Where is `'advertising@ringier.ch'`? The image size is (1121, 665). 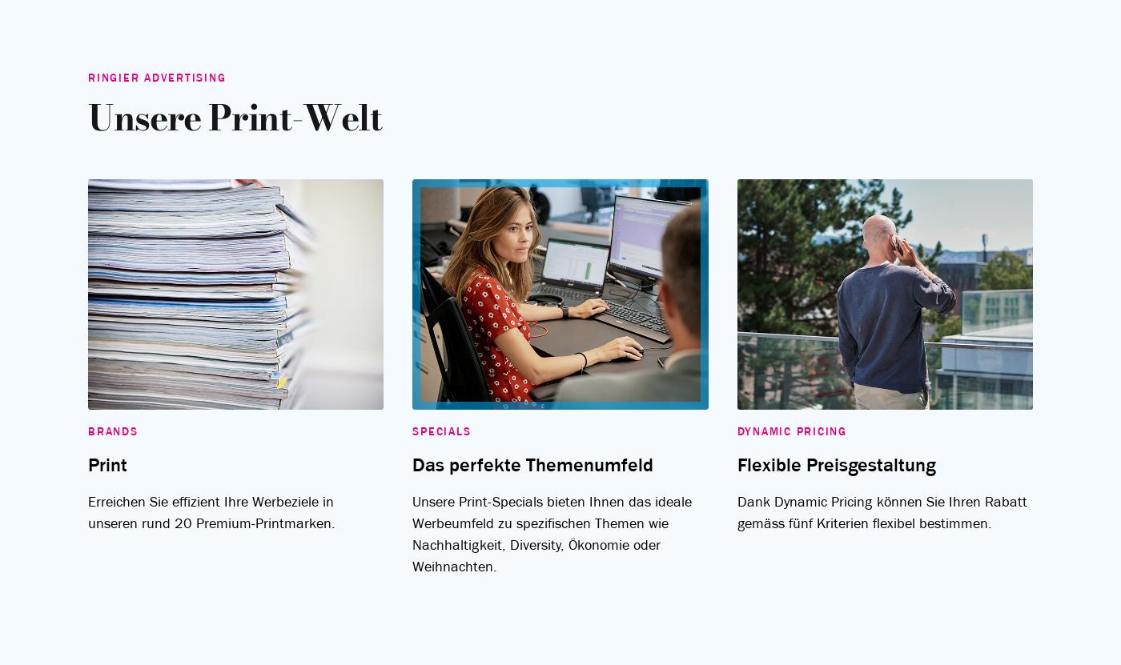 'advertising@ringier.ch' is located at coordinates (1029, 430).